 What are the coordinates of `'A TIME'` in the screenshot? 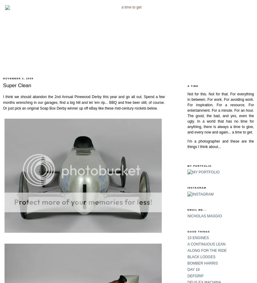 It's located at (193, 86).